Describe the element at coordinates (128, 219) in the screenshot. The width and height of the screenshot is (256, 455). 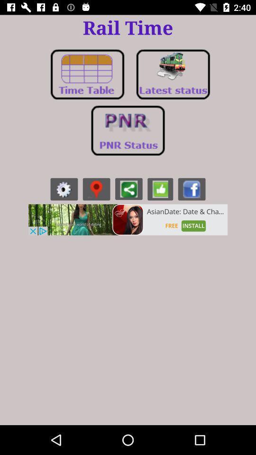
I see `click dating advertisement` at that location.